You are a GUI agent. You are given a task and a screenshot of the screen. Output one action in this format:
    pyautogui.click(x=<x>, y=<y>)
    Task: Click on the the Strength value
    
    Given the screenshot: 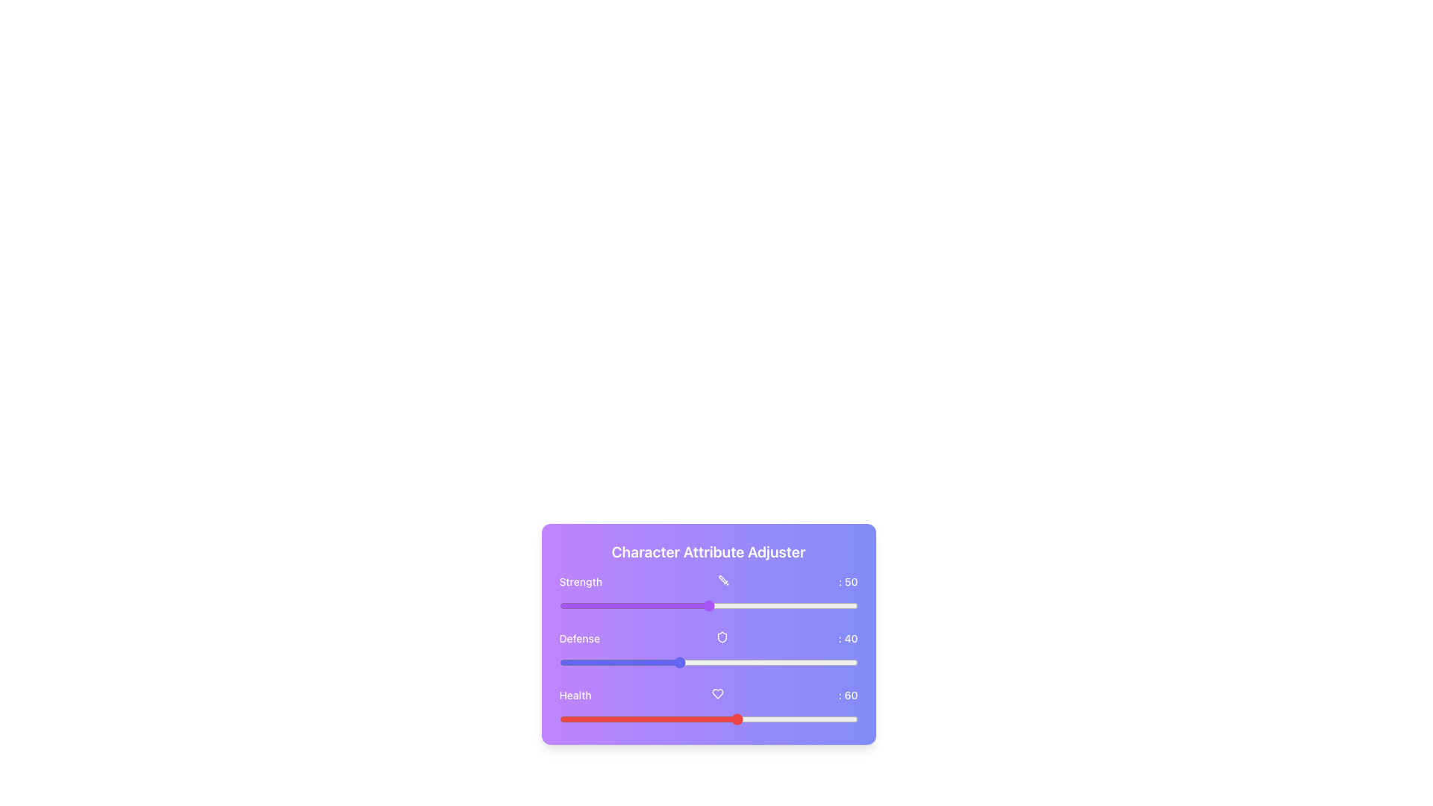 What is the action you would take?
    pyautogui.click(x=852, y=606)
    